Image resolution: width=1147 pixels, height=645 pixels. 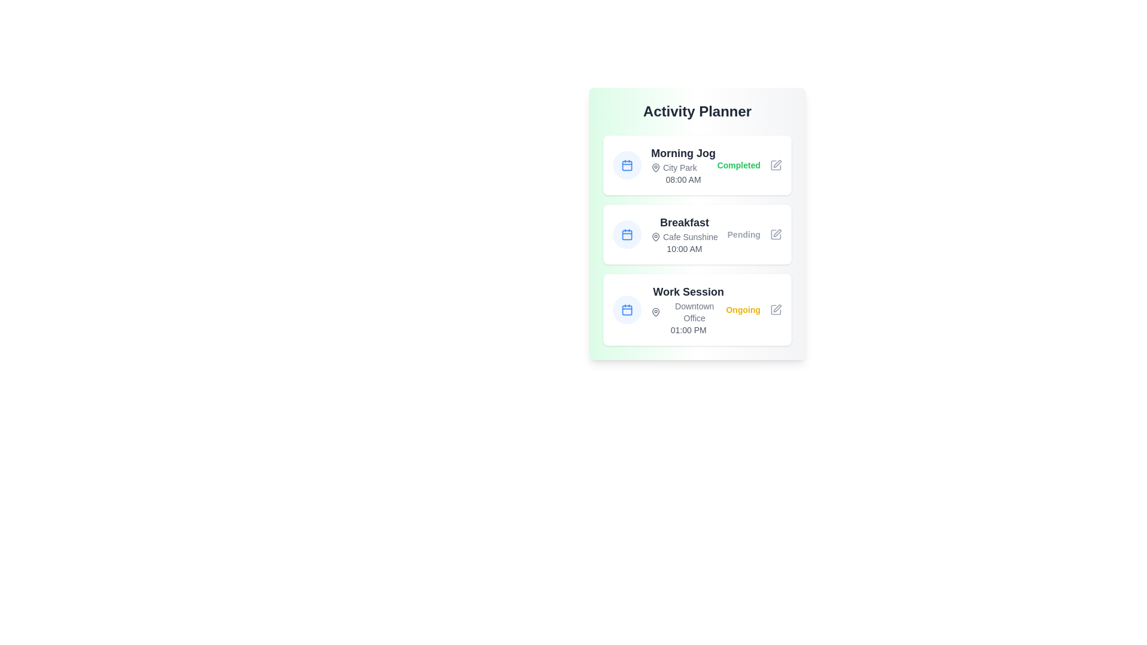 What do you see at coordinates (684, 235) in the screenshot?
I see `the text block displaying activity information titled 'Breakfast' located in the second item of the vertical list in the 'Activity Planner' section` at bounding box center [684, 235].